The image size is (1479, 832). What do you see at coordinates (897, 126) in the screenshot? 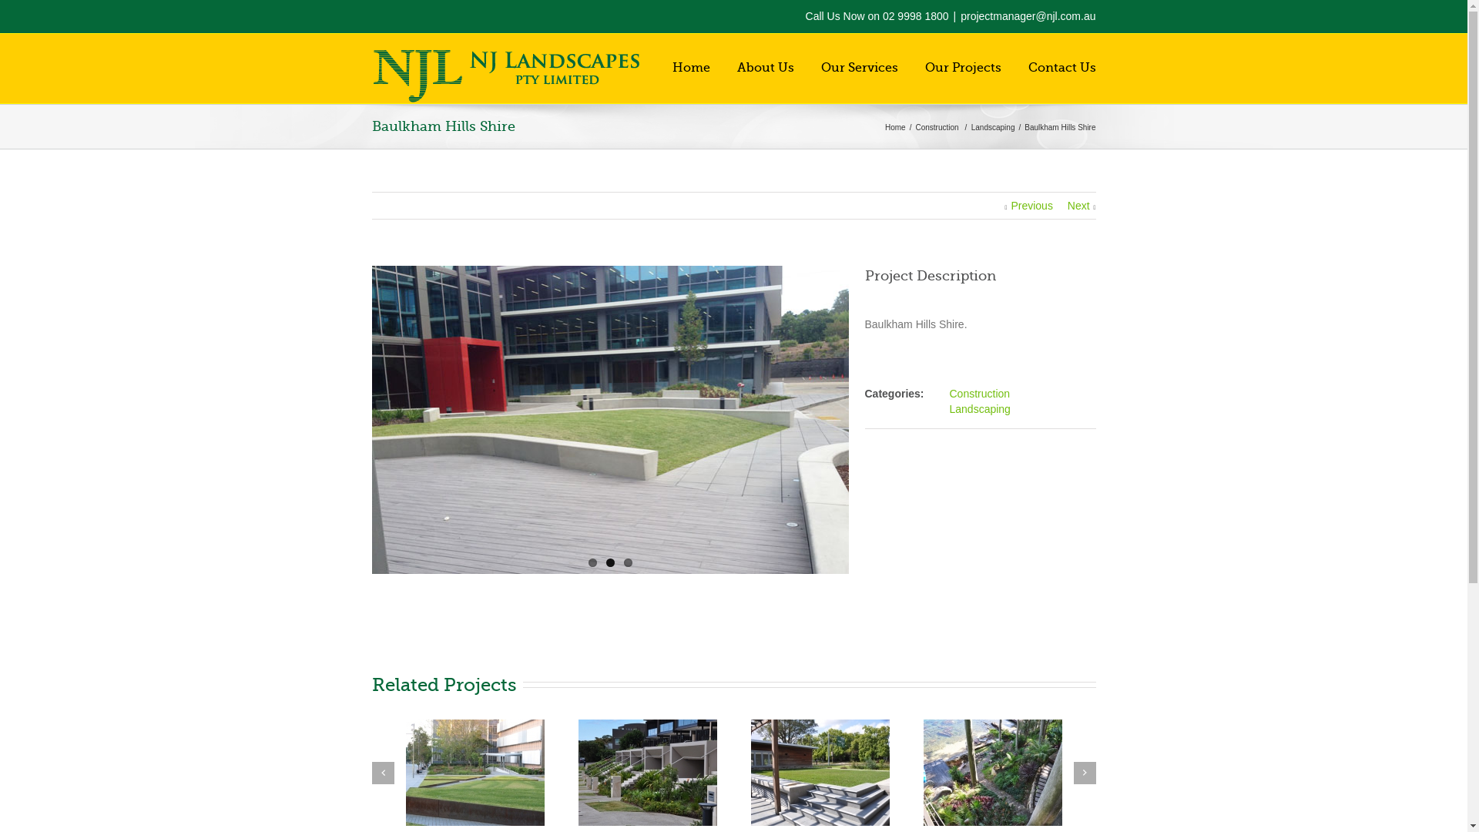
I see `'Home'` at bounding box center [897, 126].